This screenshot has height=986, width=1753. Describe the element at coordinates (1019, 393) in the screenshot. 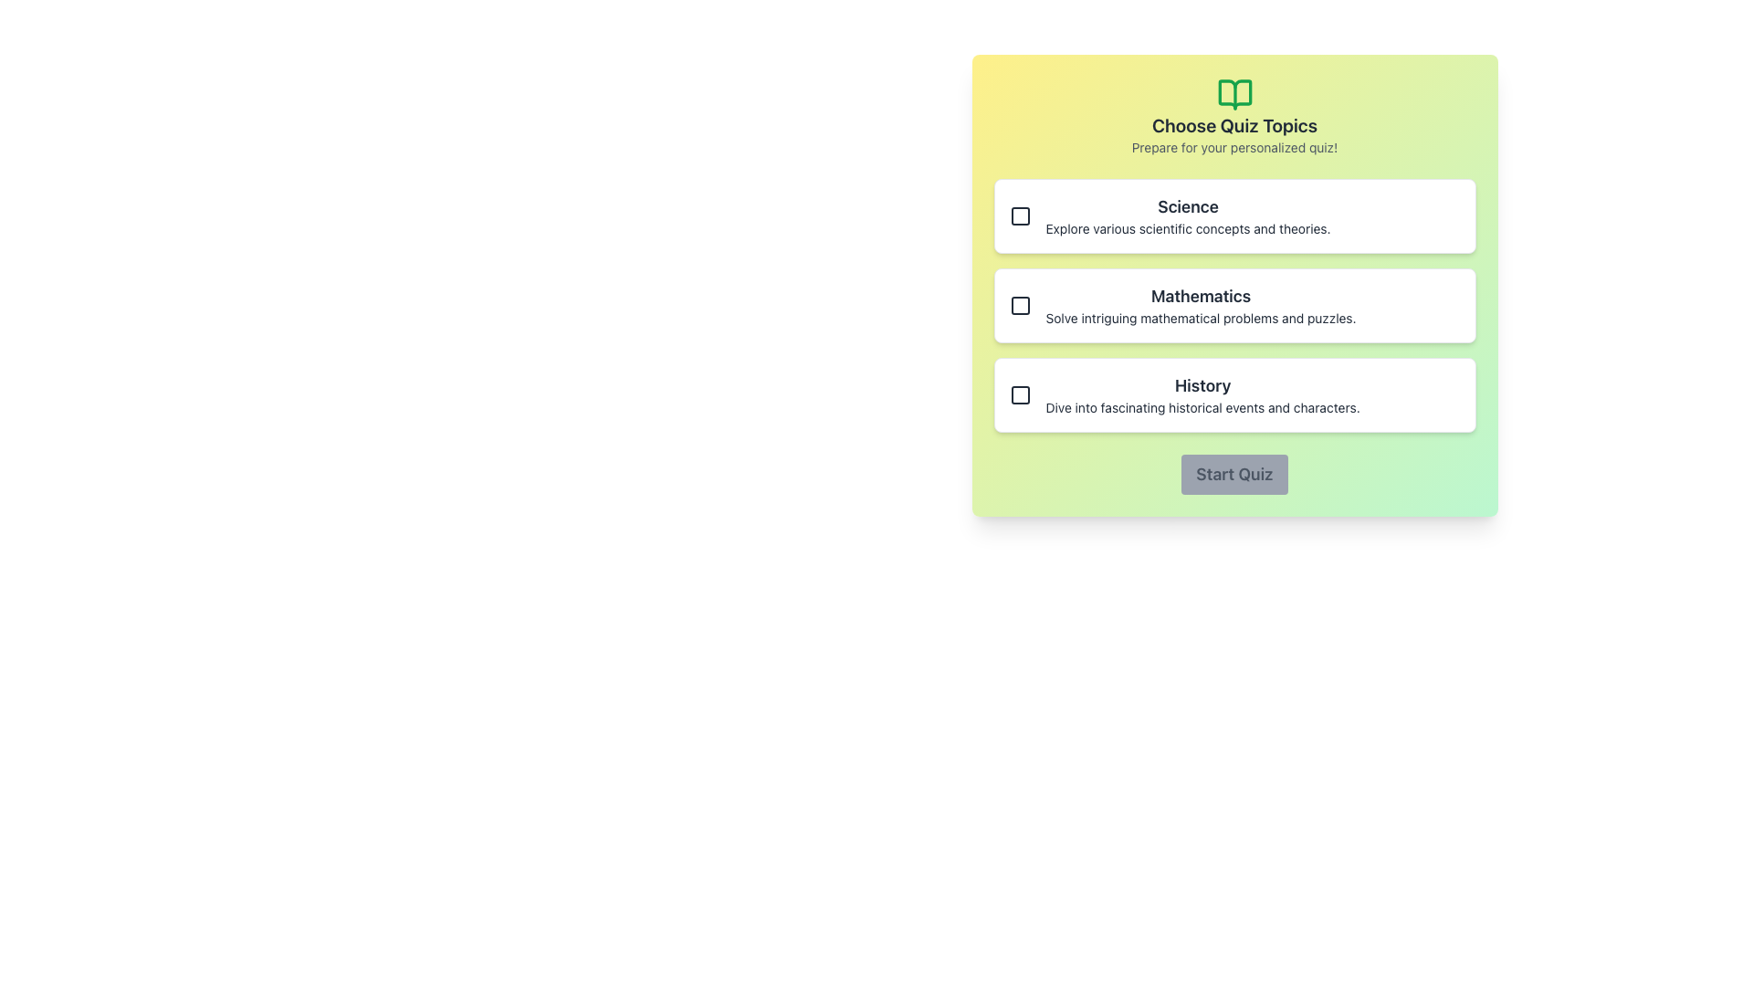

I see `the checkbox located to the left of the 'History' text within the third list item under the heading 'Choose Quiz Topics' for keyboard interaction` at that location.